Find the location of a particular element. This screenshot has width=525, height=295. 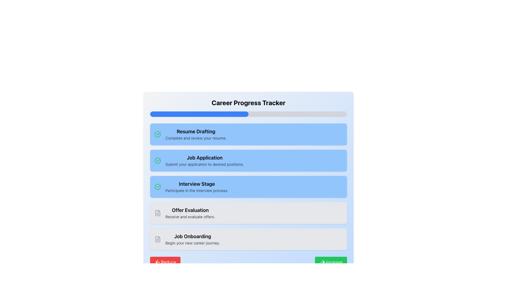

the 'Interview Stage' step card in the Career Progress Tracker, which is the third section in a vertically stacked list is located at coordinates (248, 186).